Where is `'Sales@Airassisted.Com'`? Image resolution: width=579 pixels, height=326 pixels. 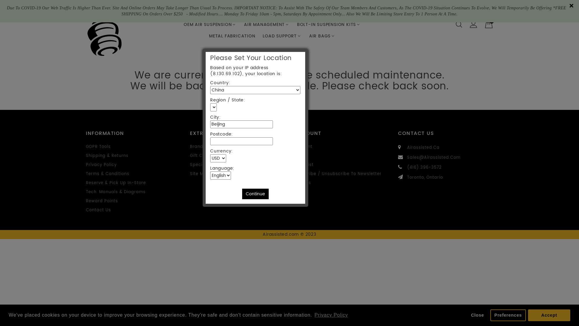
'Sales@Airassisted.Com' is located at coordinates (407, 157).